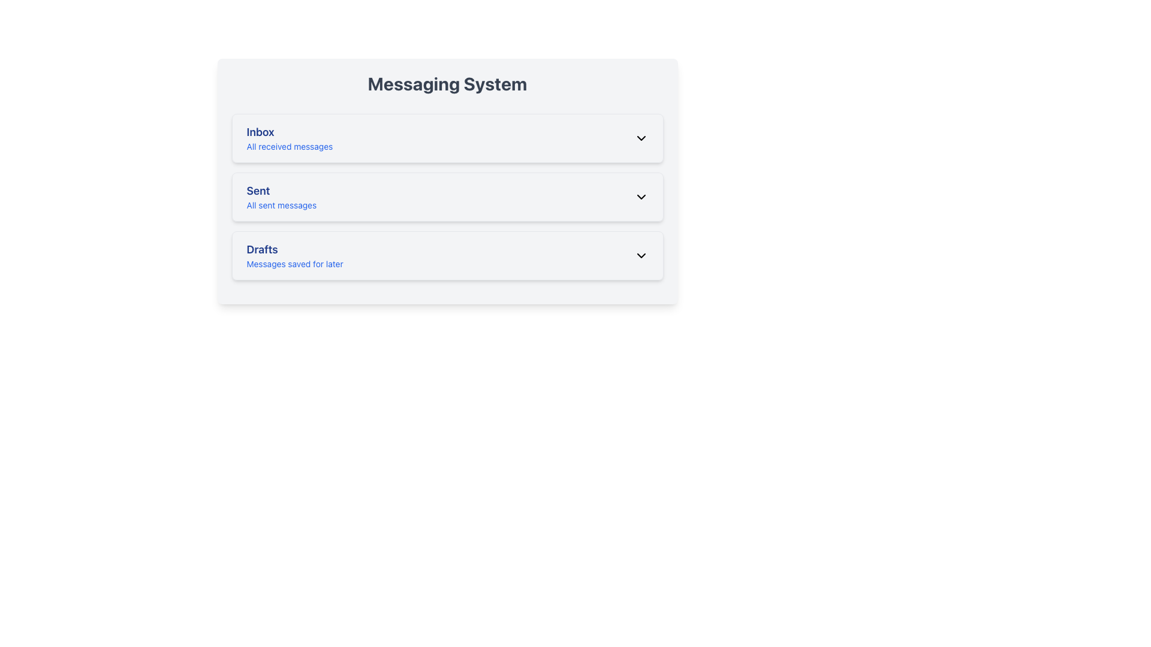 This screenshot has height=647, width=1151. What do you see at coordinates (447, 138) in the screenshot?
I see `the first collapsible section in the 'Messaging System' interface` at bounding box center [447, 138].